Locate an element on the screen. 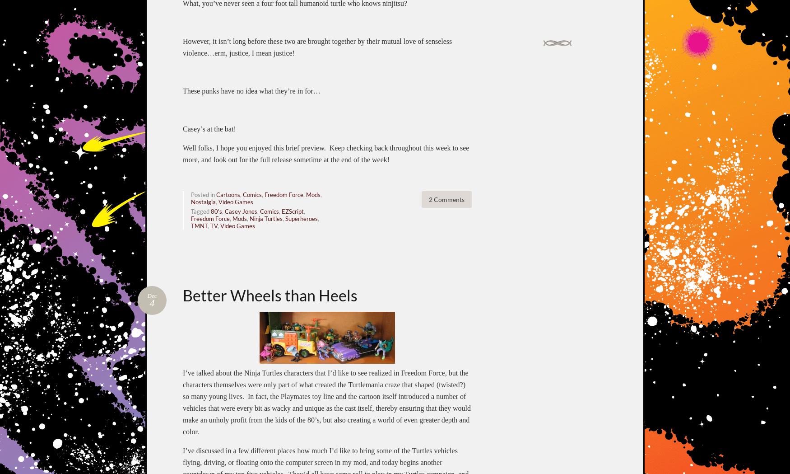 This screenshot has height=474, width=790. 'Casey’s at the bat!' is located at coordinates (209, 128).